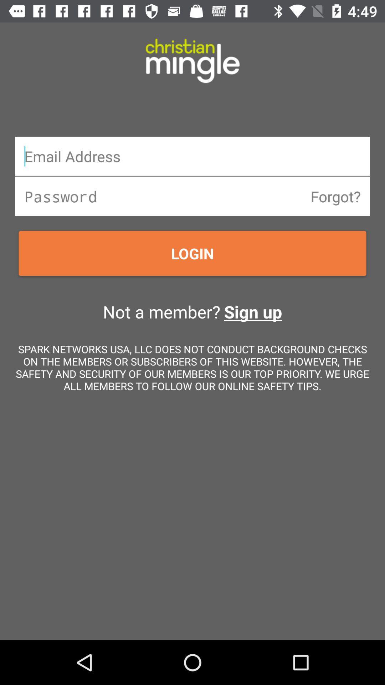 The height and width of the screenshot is (685, 385). I want to click on password, so click(192, 196).